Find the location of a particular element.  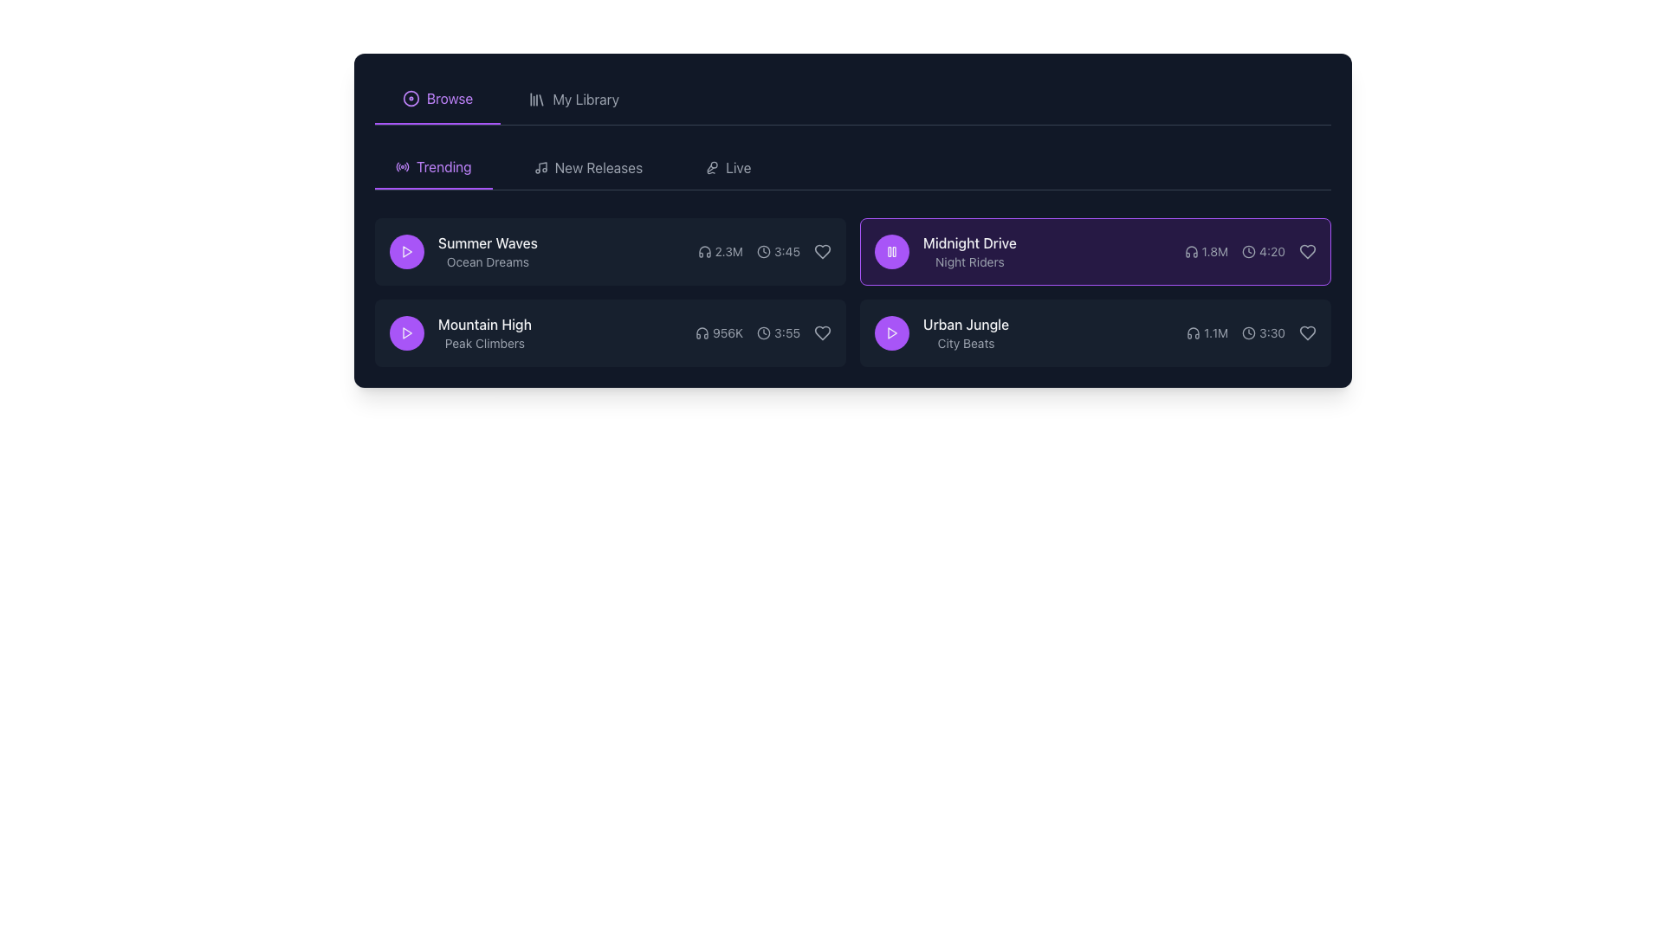

the pause button icon which is represented by a narrow vertical rectangular bar with rounded corners located to the left side of the icon, centered vertically and horizontally within it is located at coordinates (890, 251).